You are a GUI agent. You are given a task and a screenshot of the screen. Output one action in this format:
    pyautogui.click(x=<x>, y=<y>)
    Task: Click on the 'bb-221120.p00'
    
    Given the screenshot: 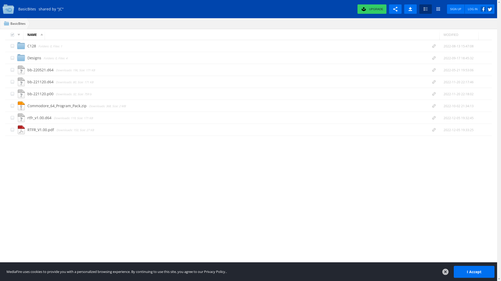 What is the action you would take?
    pyautogui.click(x=41, y=93)
    